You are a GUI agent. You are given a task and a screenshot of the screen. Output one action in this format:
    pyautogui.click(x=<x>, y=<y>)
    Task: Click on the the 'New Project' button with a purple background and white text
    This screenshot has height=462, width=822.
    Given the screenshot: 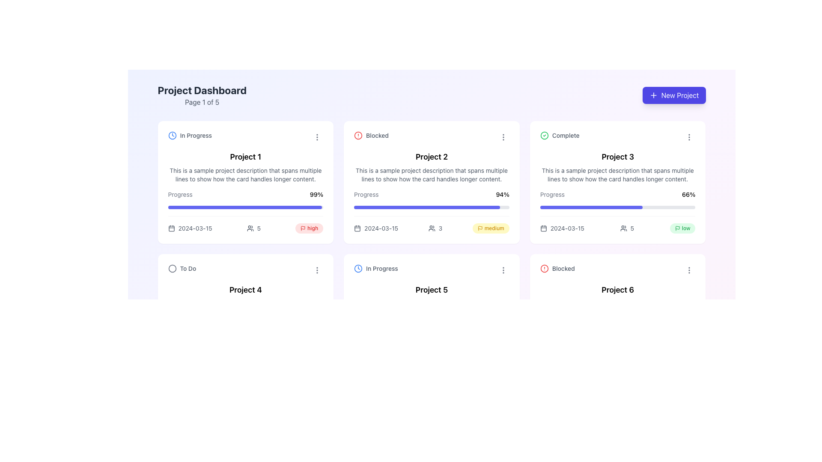 What is the action you would take?
    pyautogui.click(x=673, y=95)
    